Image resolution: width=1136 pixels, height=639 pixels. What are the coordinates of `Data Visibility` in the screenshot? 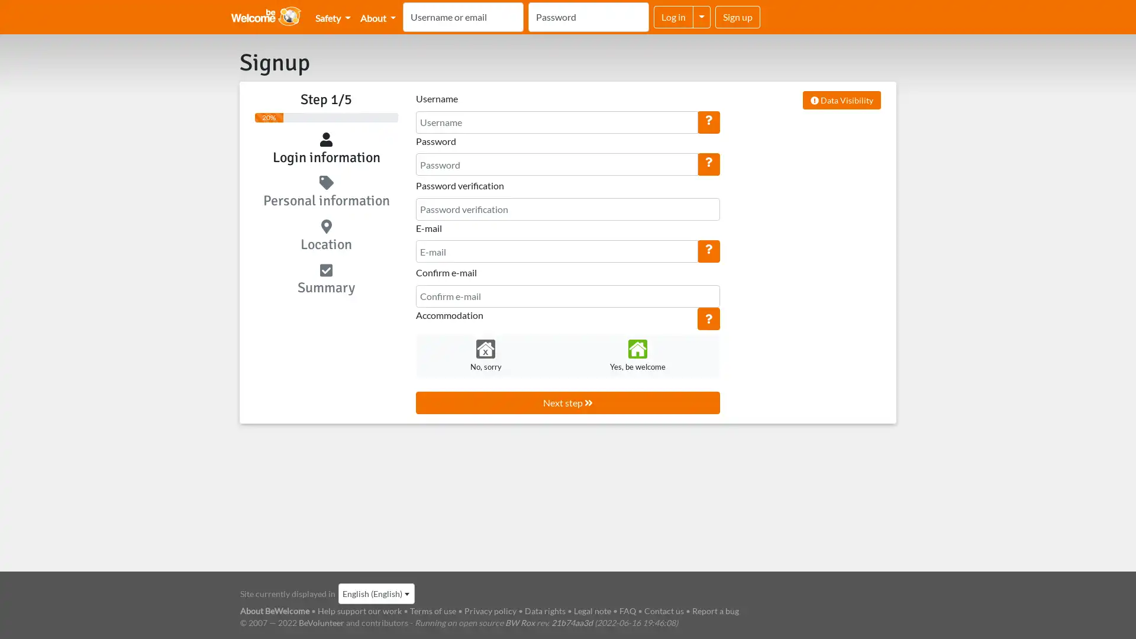 It's located at (841, 99).